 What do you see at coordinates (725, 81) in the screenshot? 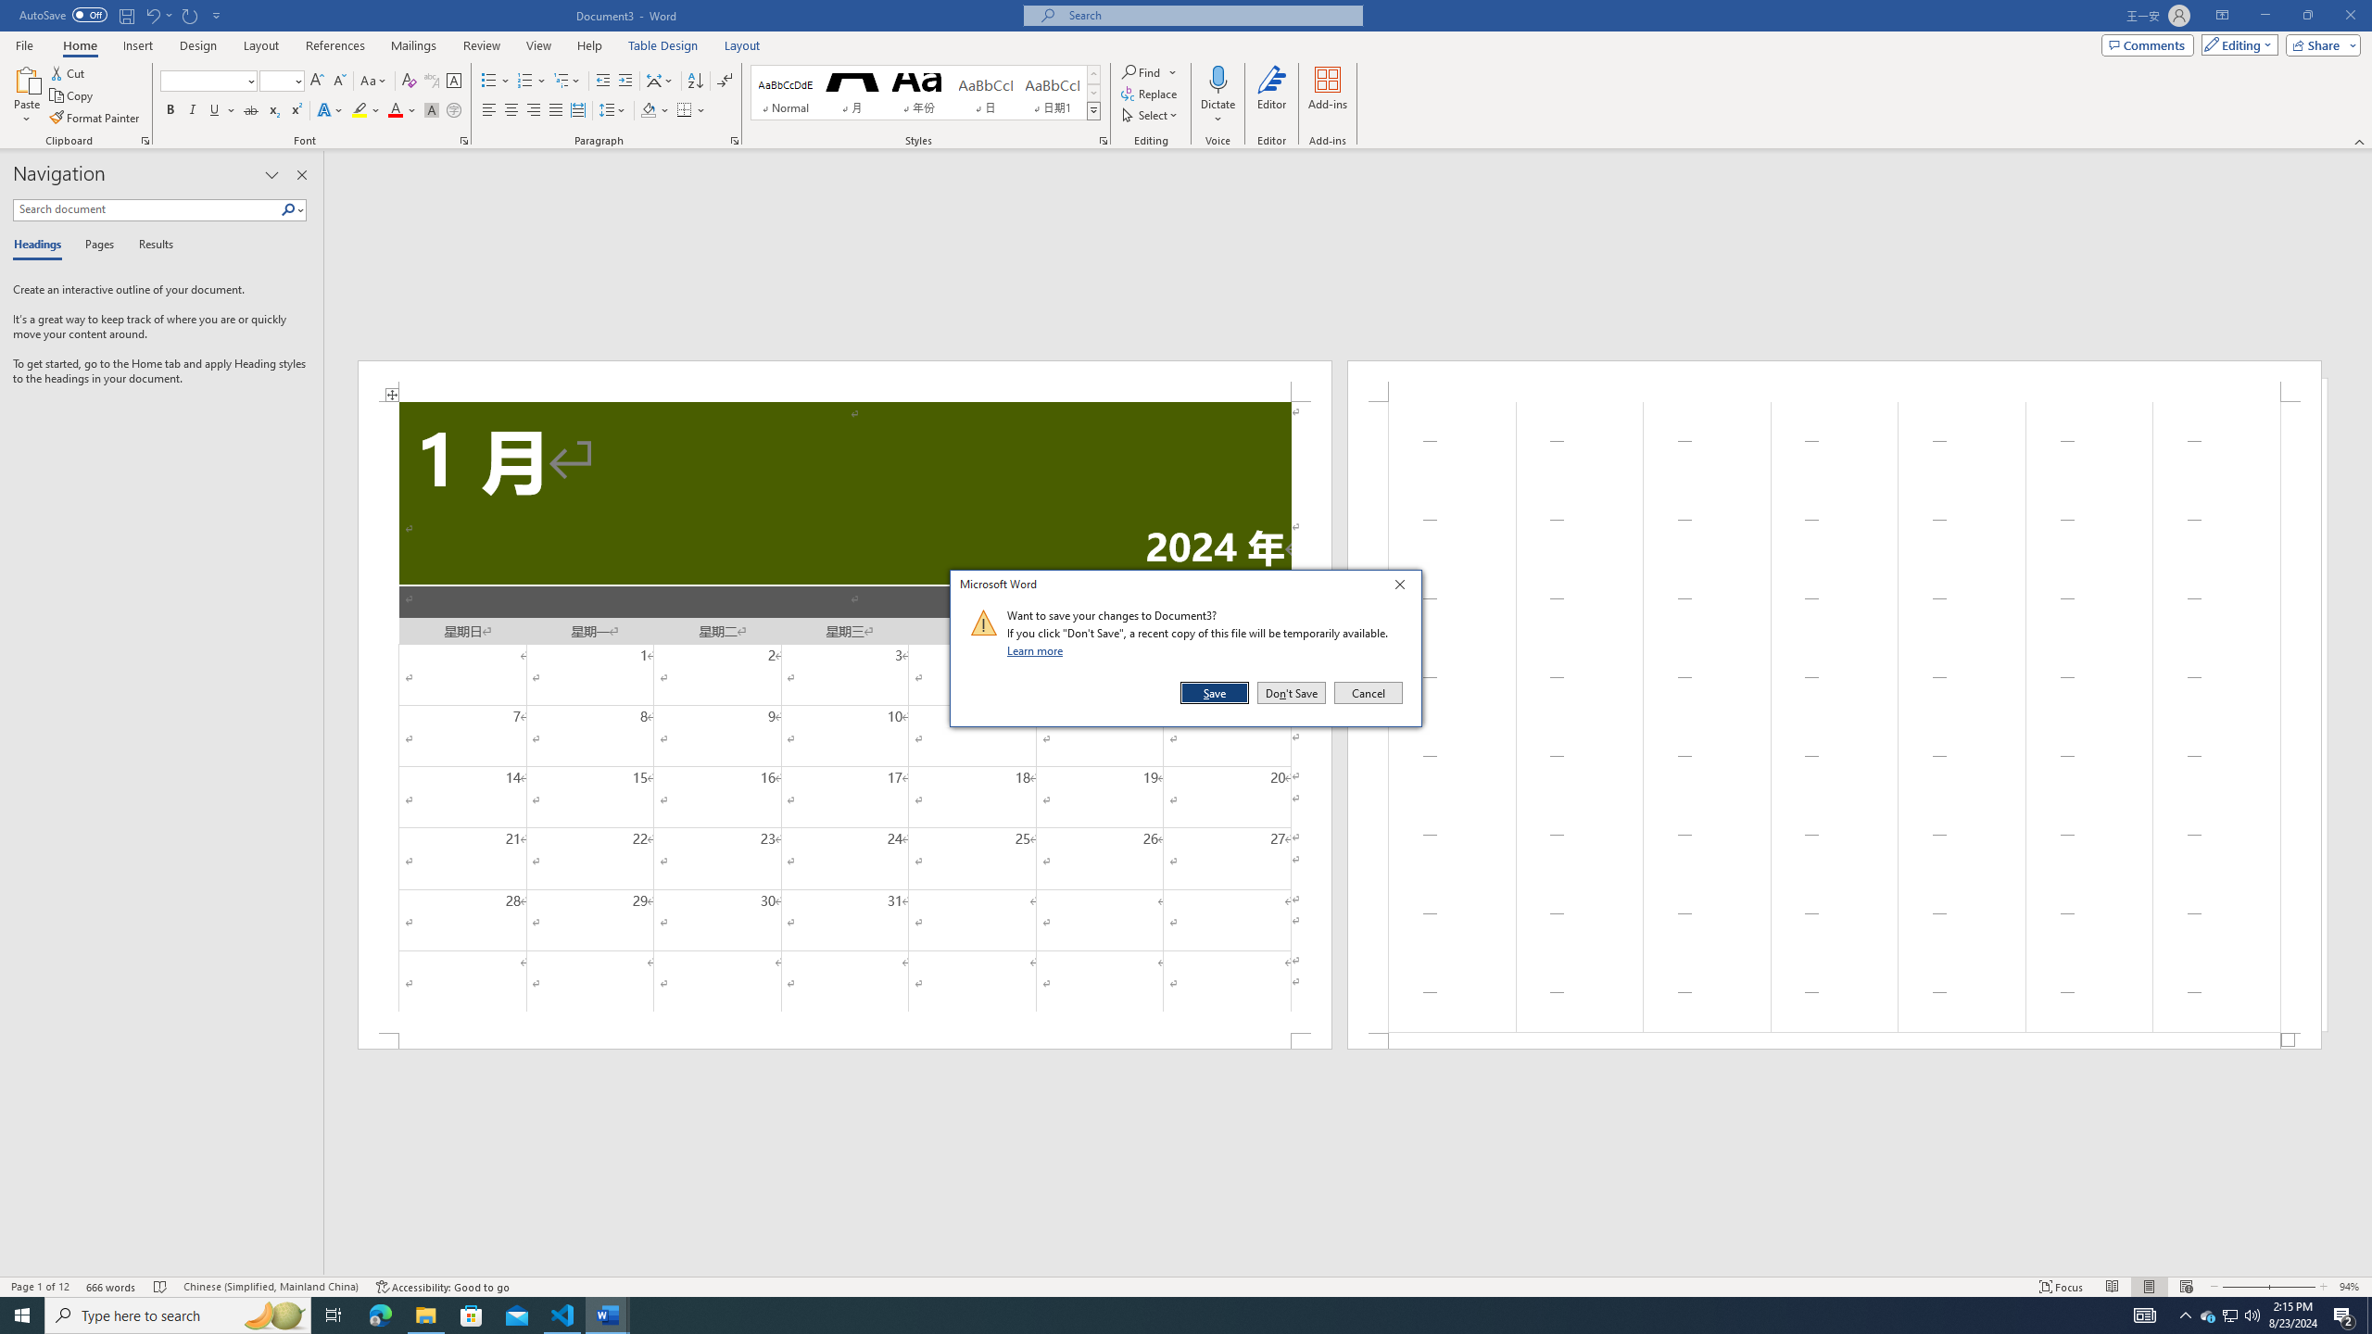
I see `'Show/Hide Editing Marks'` at bounding box center [725, 81].